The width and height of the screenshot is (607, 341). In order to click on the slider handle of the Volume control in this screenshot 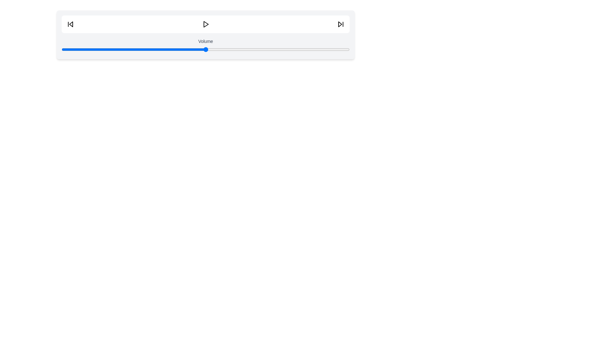, I will do `click(205, 49)`.